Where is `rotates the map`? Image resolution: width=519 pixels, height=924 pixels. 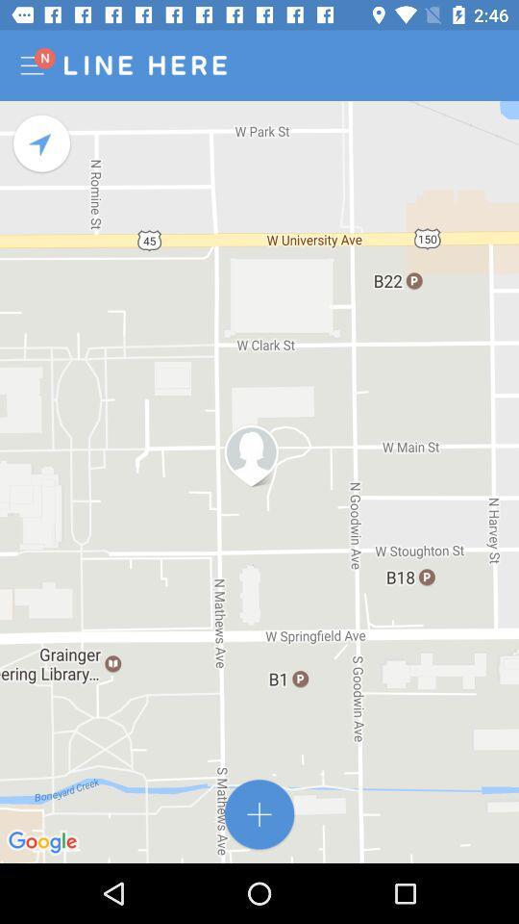 rotates the map is located at coordinates (42, 142).